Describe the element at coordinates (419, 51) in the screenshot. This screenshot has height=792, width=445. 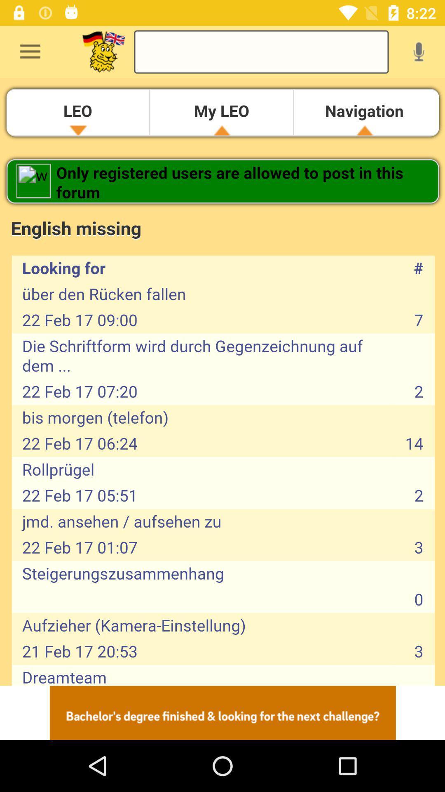
I see `record` at that location.